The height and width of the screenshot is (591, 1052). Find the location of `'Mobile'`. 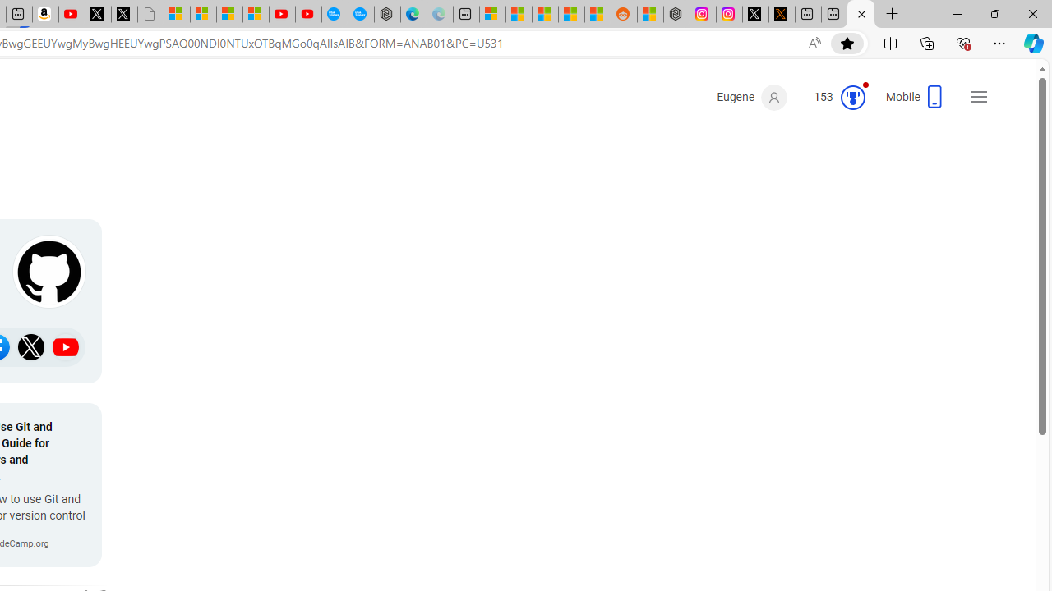

'Mobile' is located at coordinates (915, 102).